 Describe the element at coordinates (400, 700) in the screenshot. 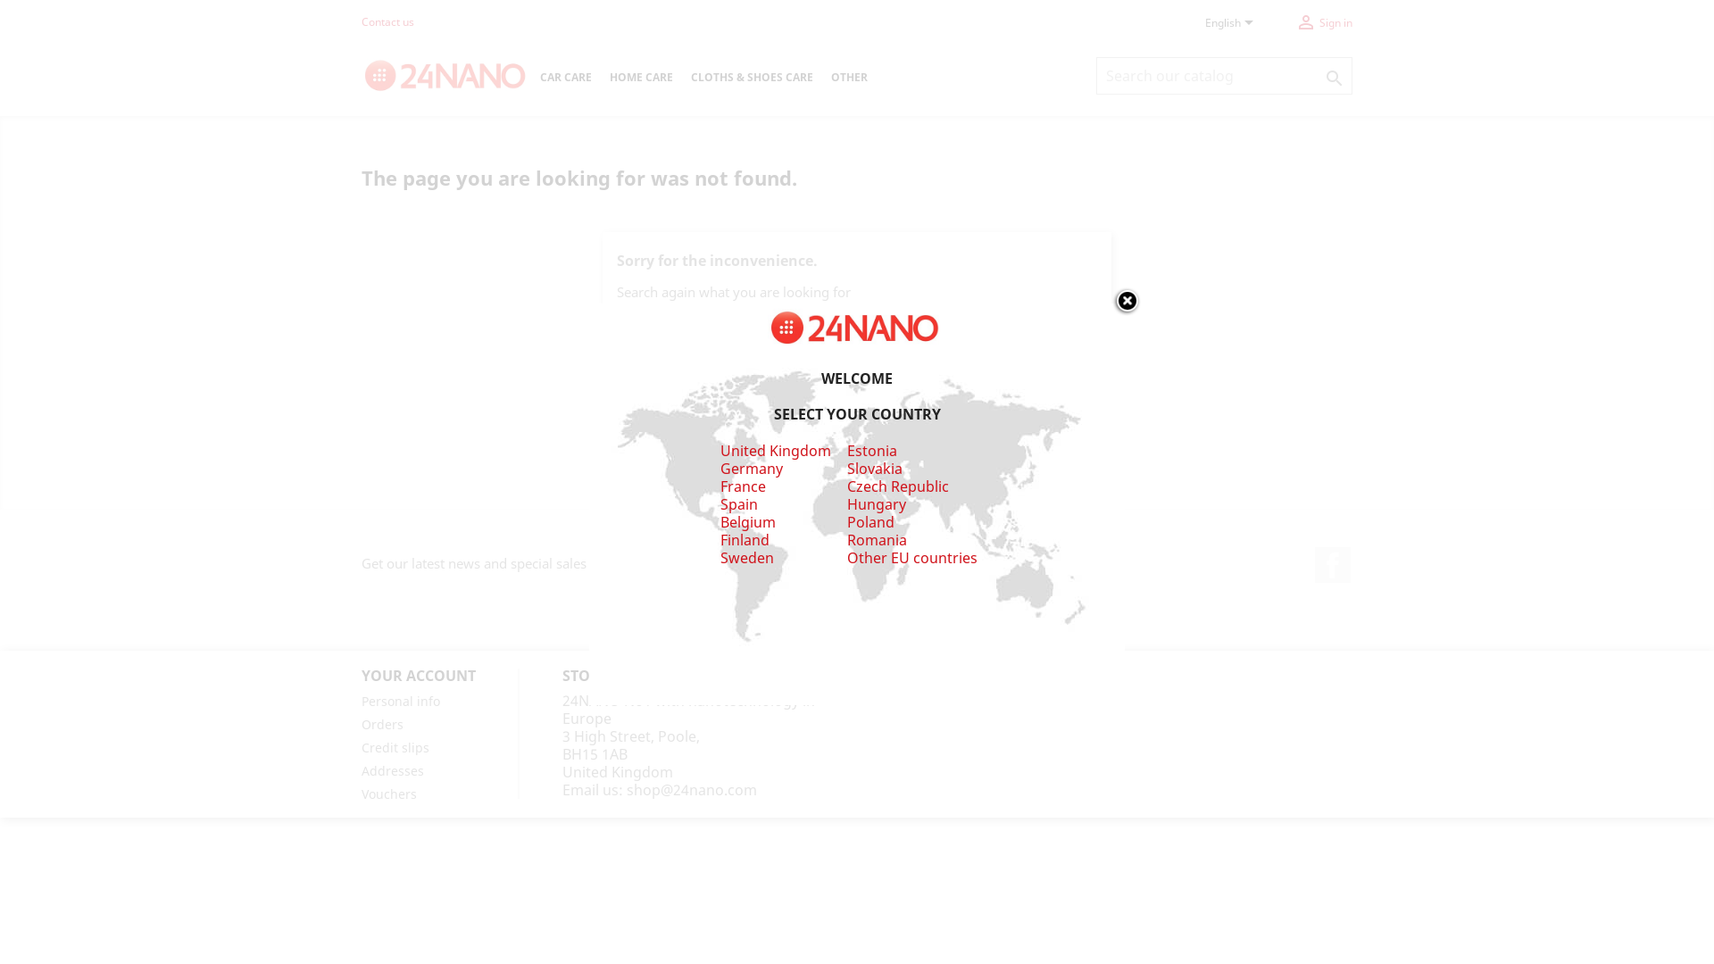

I see `'Personal info'` at that location.